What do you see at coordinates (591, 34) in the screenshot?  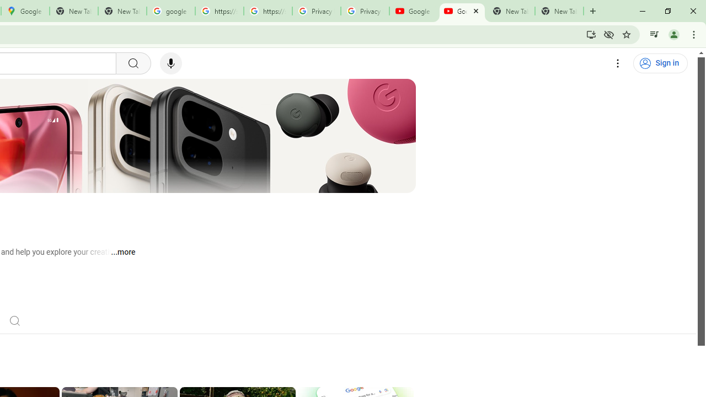 I see `'Install YouTube'` at bounding box center [591, 34].